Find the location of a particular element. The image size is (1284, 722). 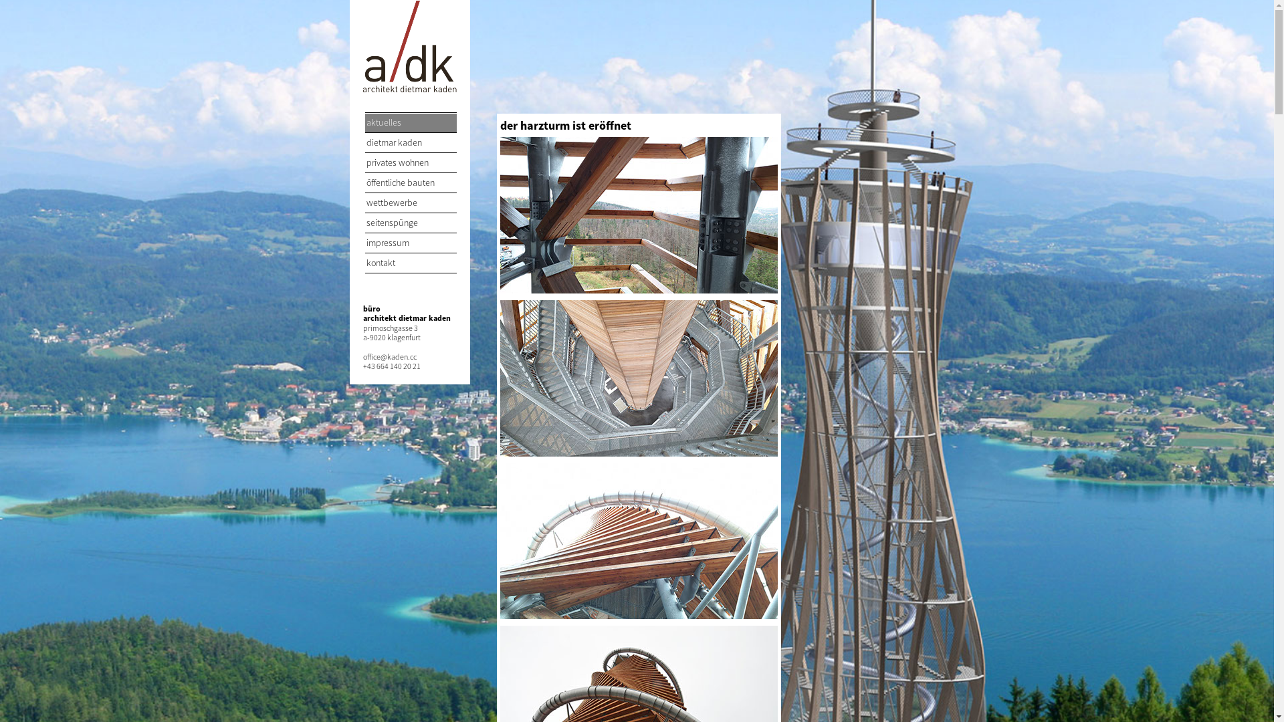

'impressum' is located at coordinates (410, 243).